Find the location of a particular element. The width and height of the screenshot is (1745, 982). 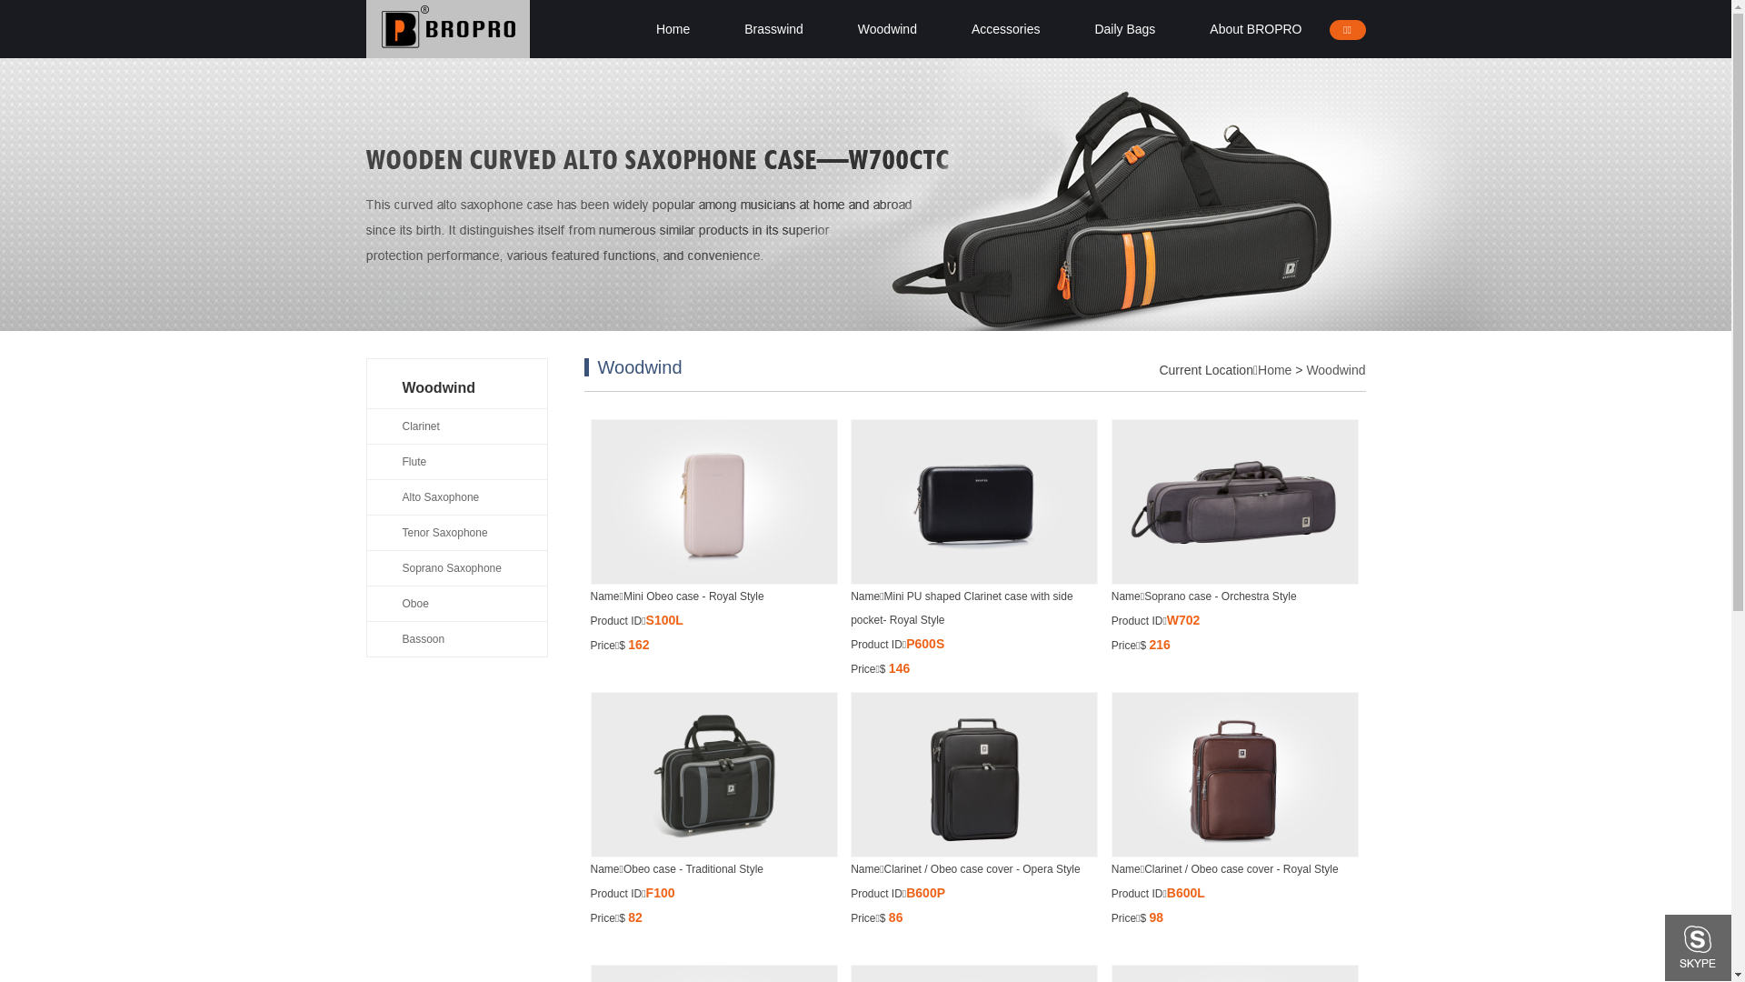

'Tenor Saxophone' is located at coordinates (455, 532).